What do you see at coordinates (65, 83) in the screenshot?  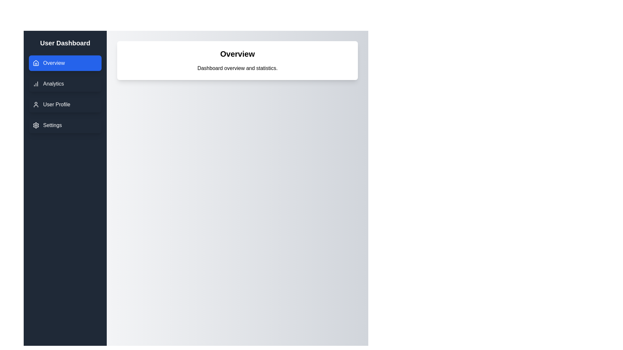 I see `the section Analytics from the navigation menu` at bounding box center [65, 83].